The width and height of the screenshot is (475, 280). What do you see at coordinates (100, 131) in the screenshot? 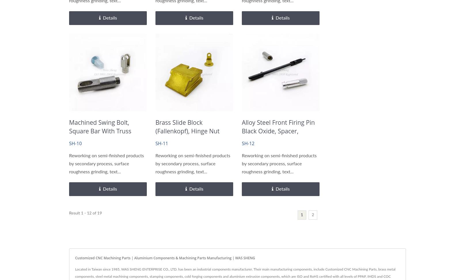
I see `'Machined Swing Bolt, Square Bar with Truss Head, Connector Seat'` at bounding box center [100, 131].